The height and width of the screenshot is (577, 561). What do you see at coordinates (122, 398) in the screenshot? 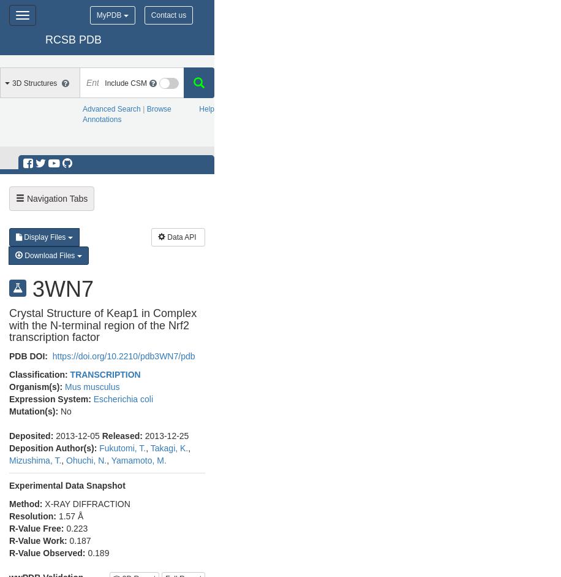
I see `'Escherichia coli'` at bounding box center [122, 398].